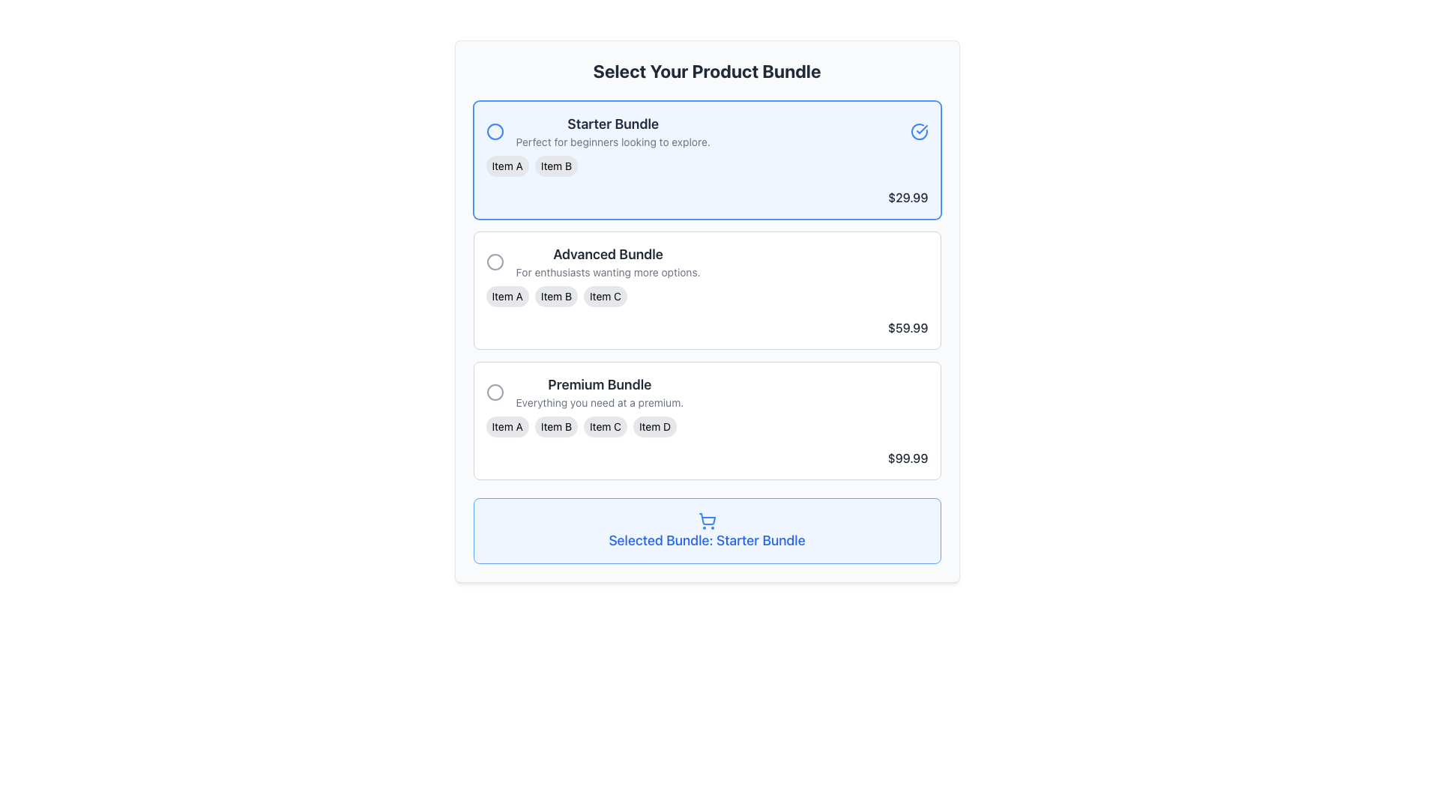  Describe the element at coordinates (918, 131) in the screenshot. I see `the Icon that visually indicates the 'Starter Bundle' is selected, located at the far right of the 'Starter Bundle' card, aligned with the text and pricing details` at that location.